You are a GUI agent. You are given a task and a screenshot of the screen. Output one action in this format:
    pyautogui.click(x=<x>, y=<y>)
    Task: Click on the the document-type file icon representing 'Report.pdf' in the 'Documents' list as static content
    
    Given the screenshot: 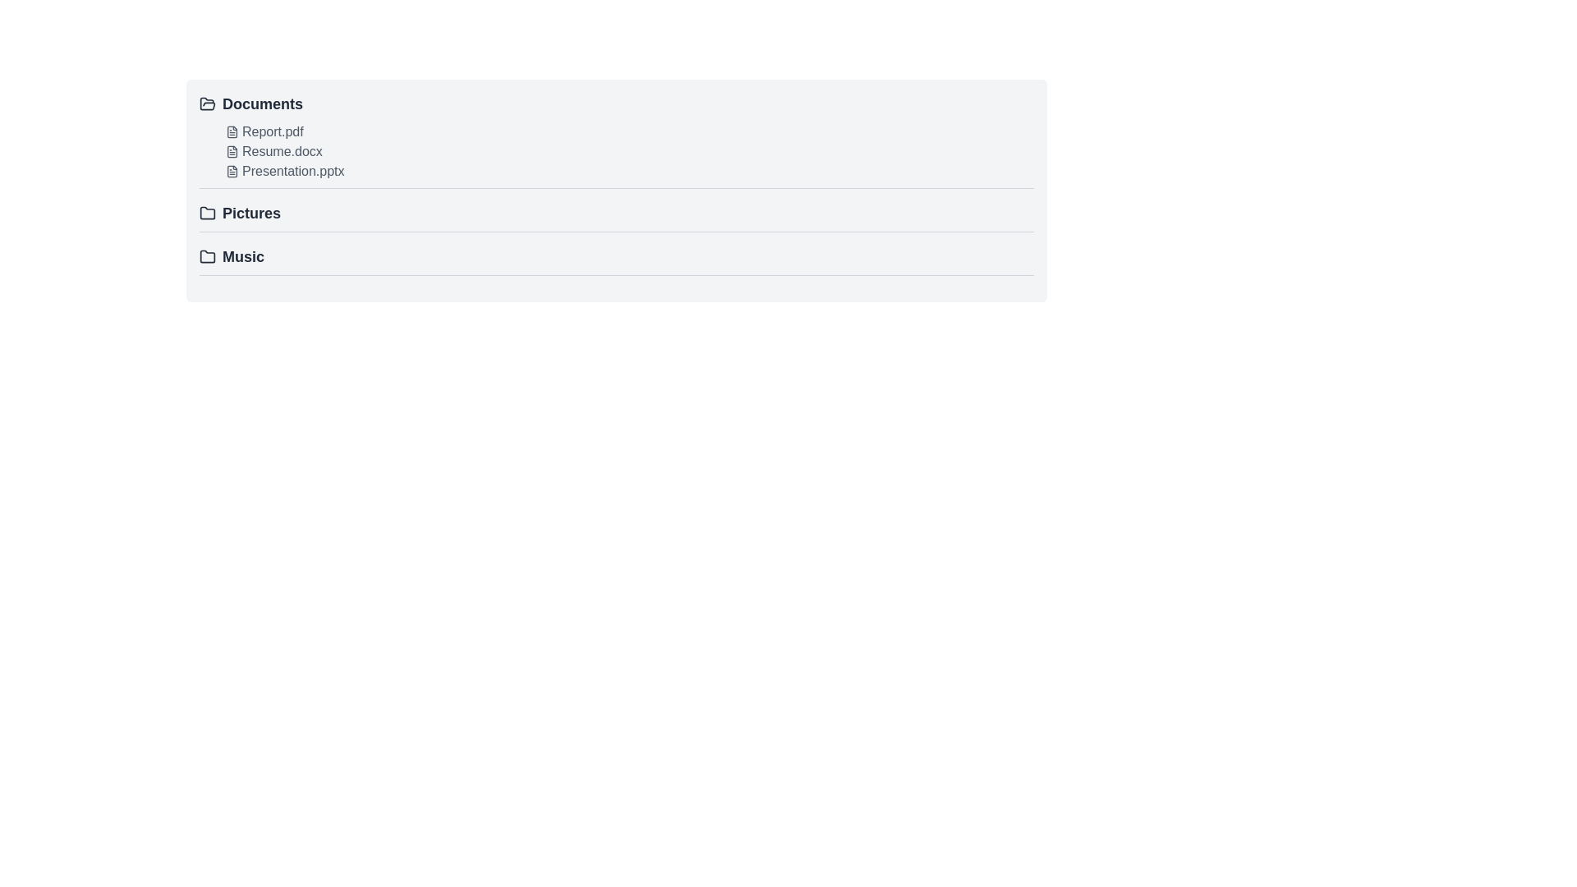 What is the action you would take?
    pyautogui.click(x=232, y=131)
    